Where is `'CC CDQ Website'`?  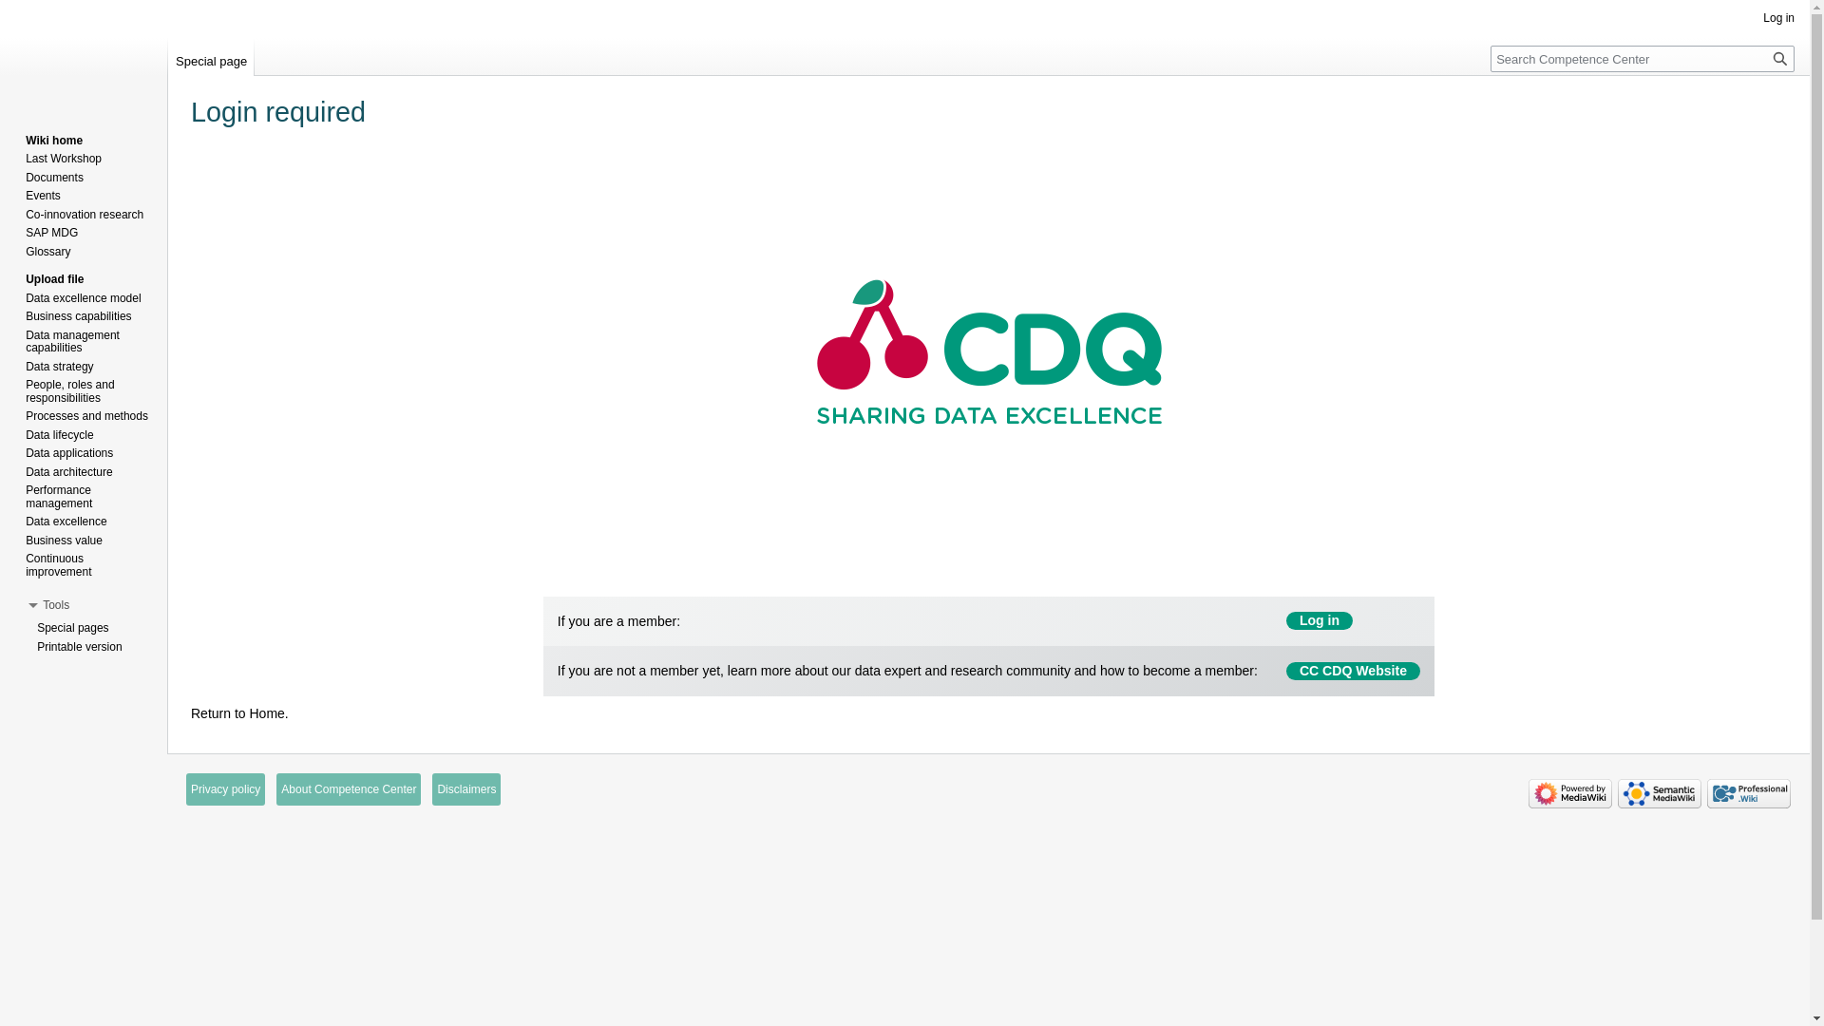 'CC CDQ Website' is located at coordinates (1285, 670).